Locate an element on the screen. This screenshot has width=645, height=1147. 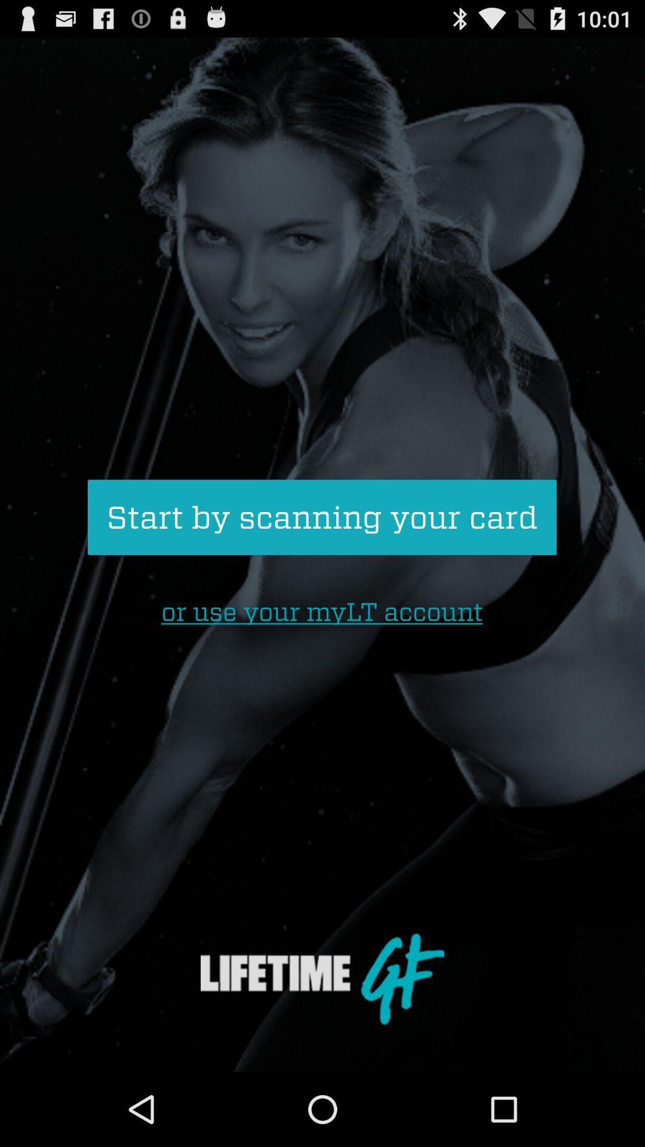
or use your icon is located at coordinates (321, 612).